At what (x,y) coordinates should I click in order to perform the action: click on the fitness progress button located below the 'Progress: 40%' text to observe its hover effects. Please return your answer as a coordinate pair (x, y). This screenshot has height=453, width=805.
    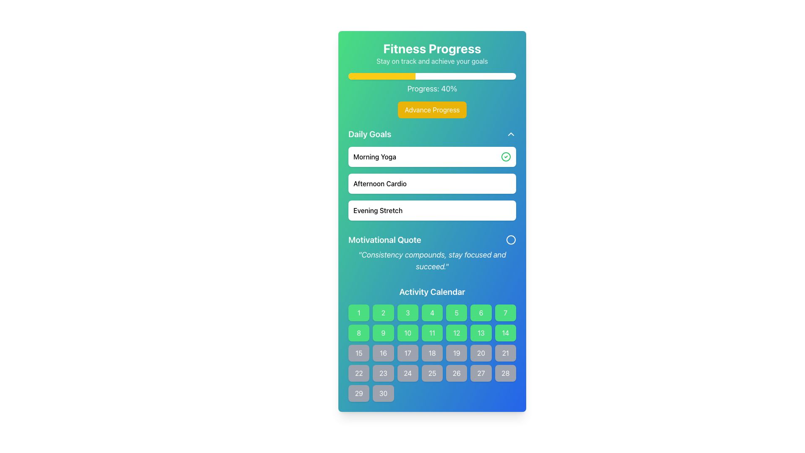
    Looking at the image, I should click on (432, 109).